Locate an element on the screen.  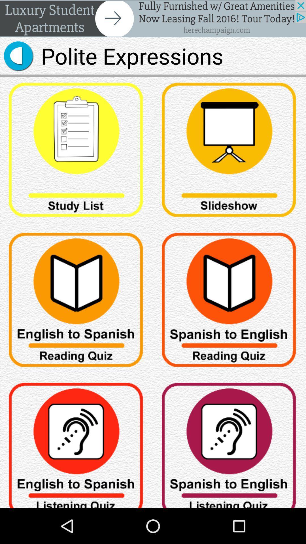
click slideshow is located at coordinates (229, 152).